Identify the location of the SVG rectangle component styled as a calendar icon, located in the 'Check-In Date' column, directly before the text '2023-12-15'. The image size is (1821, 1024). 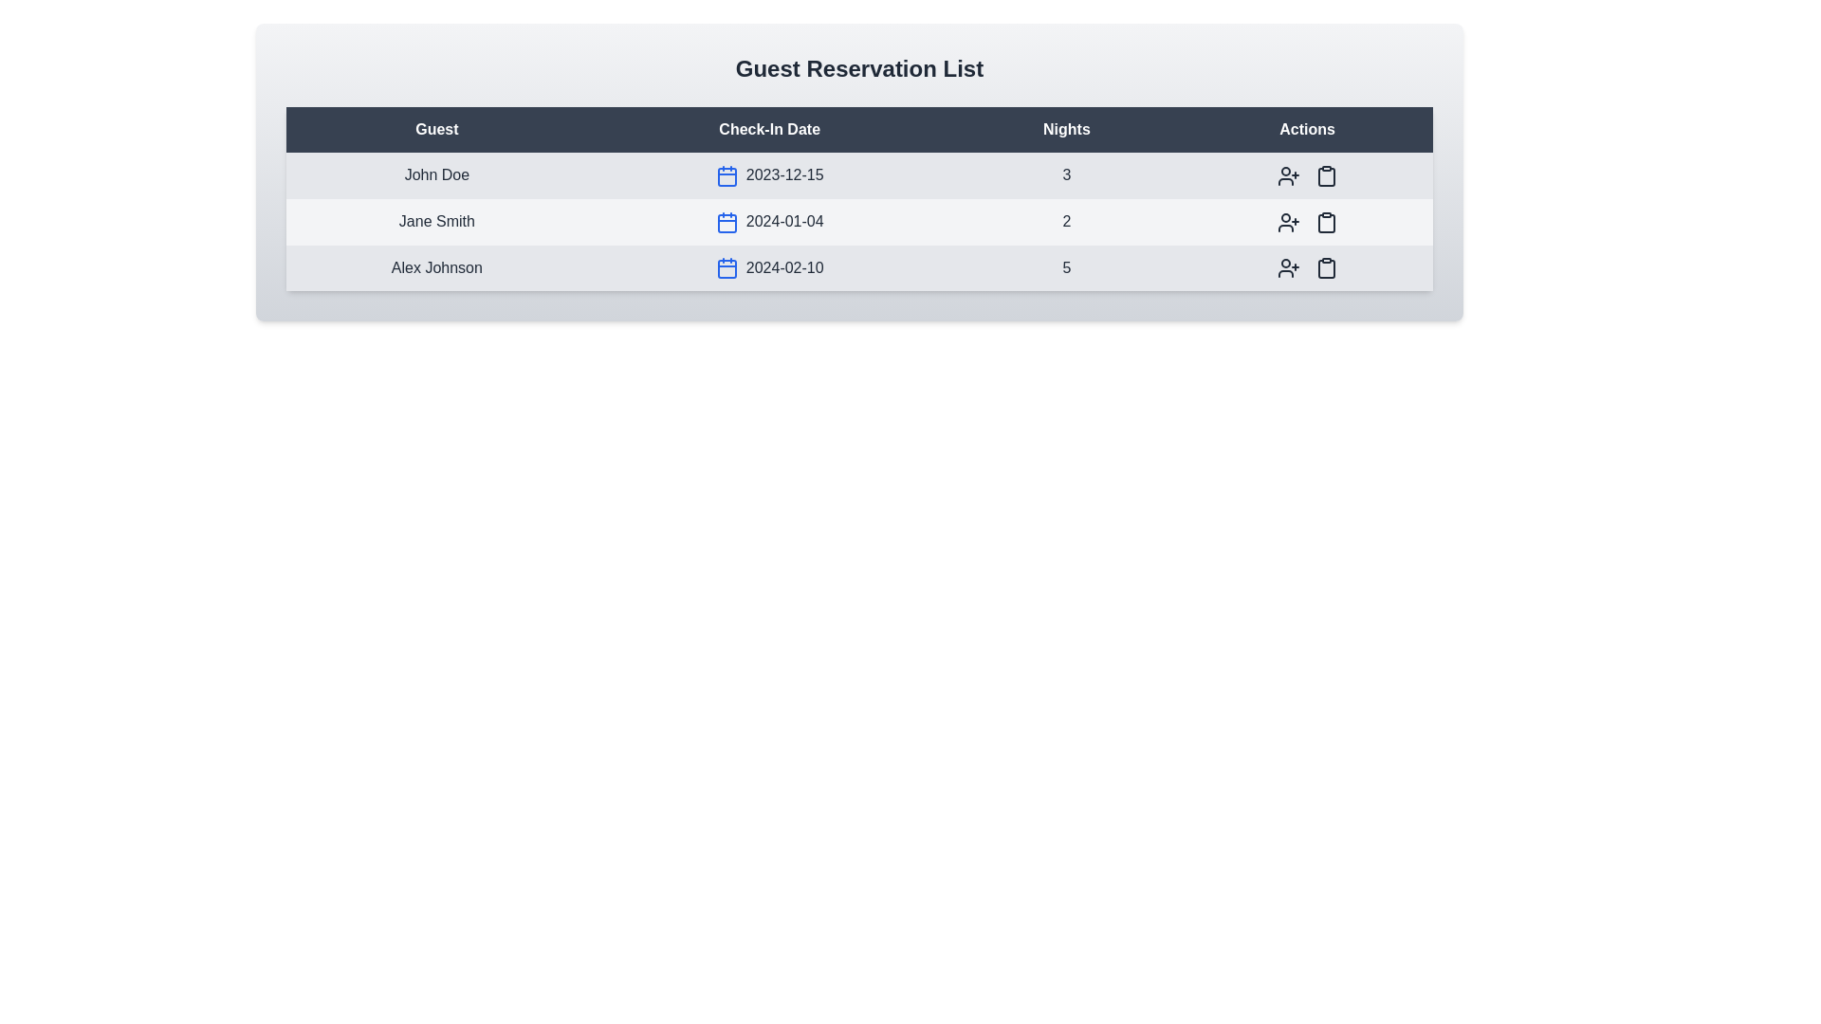
(726, 176).